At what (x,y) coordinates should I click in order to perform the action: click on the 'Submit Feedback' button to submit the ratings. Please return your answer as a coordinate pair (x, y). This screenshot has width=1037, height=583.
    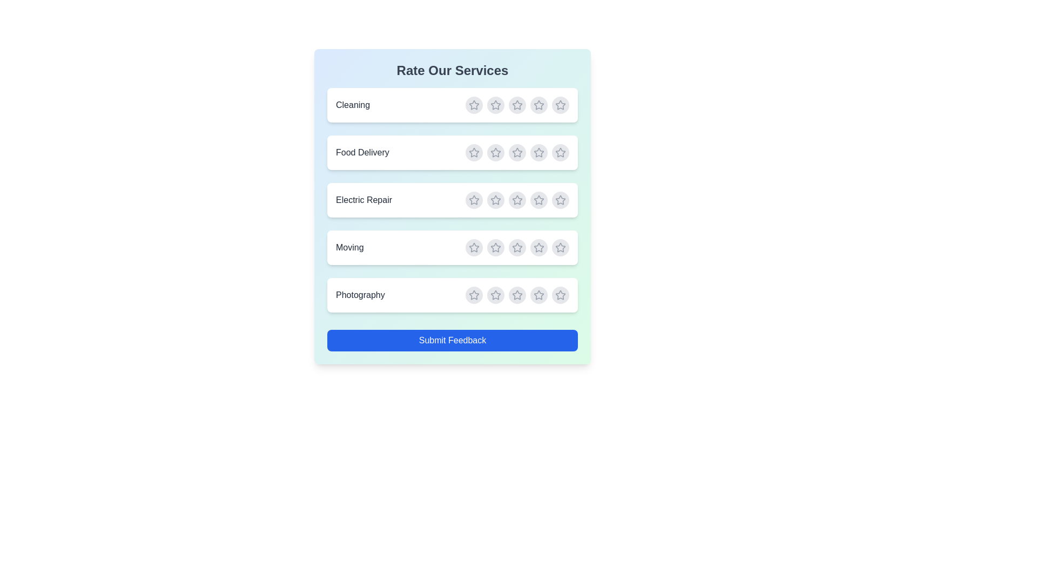
    Looking at the image, I should click on (453, 341).